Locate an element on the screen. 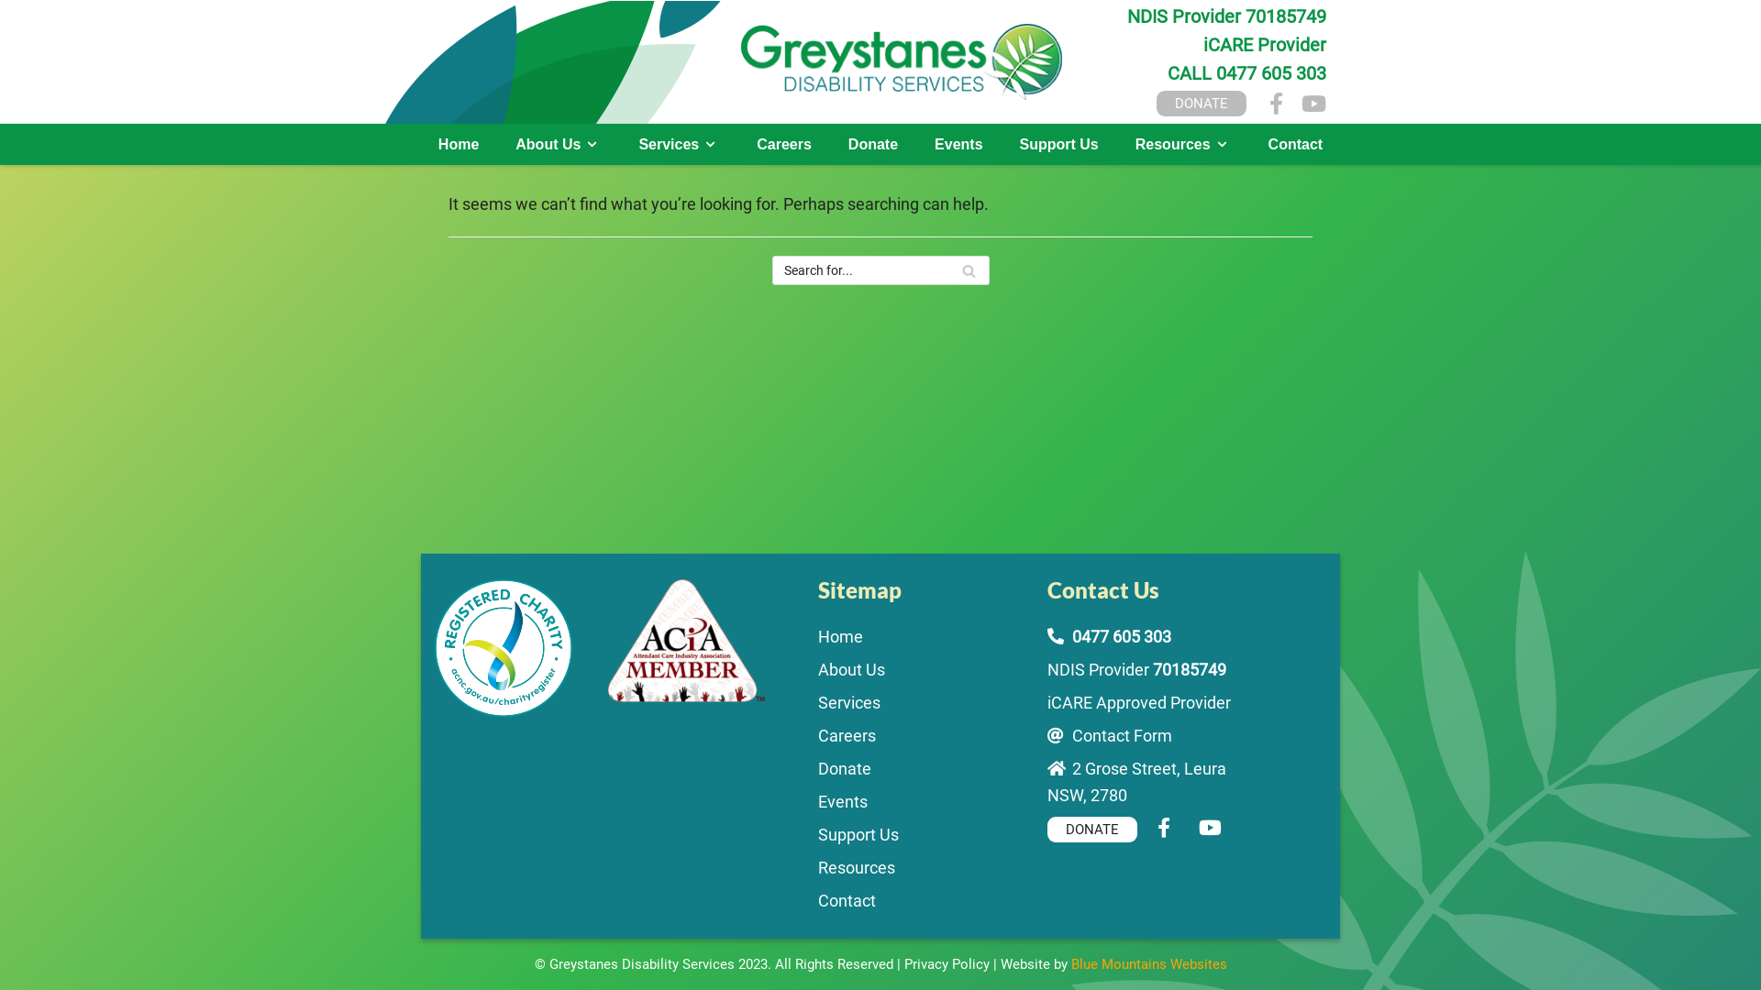 Image resolution: width=1761 pixels, height=990 pixels. 'Privacy Policy' is located at coordinates (947, 963).